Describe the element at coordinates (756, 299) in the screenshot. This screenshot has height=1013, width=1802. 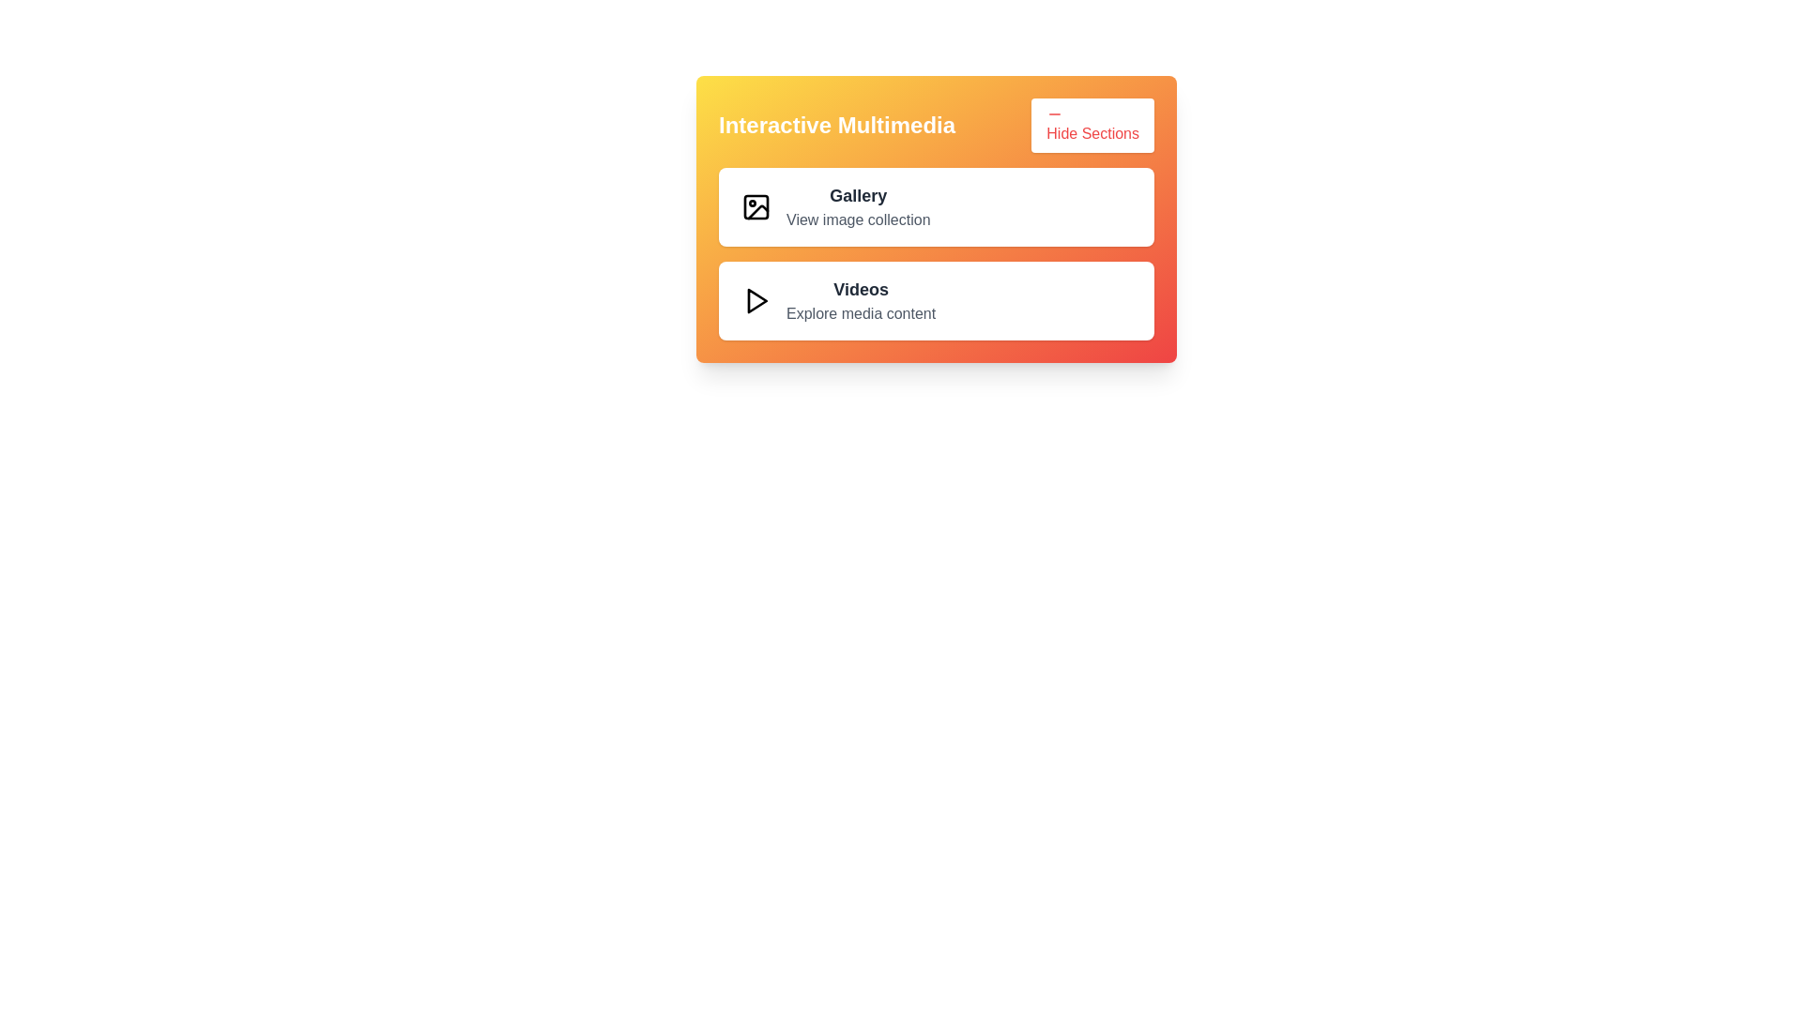
I see `the triangular play icon outlined in black that is positioned next to the text label 'Videos' within the card component` at that location.